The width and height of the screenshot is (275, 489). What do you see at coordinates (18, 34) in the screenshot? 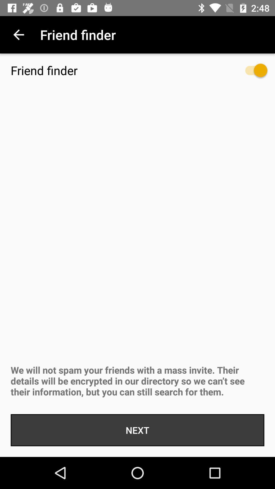
I see `the item above friend finder item` at bounding box center [18, 34].